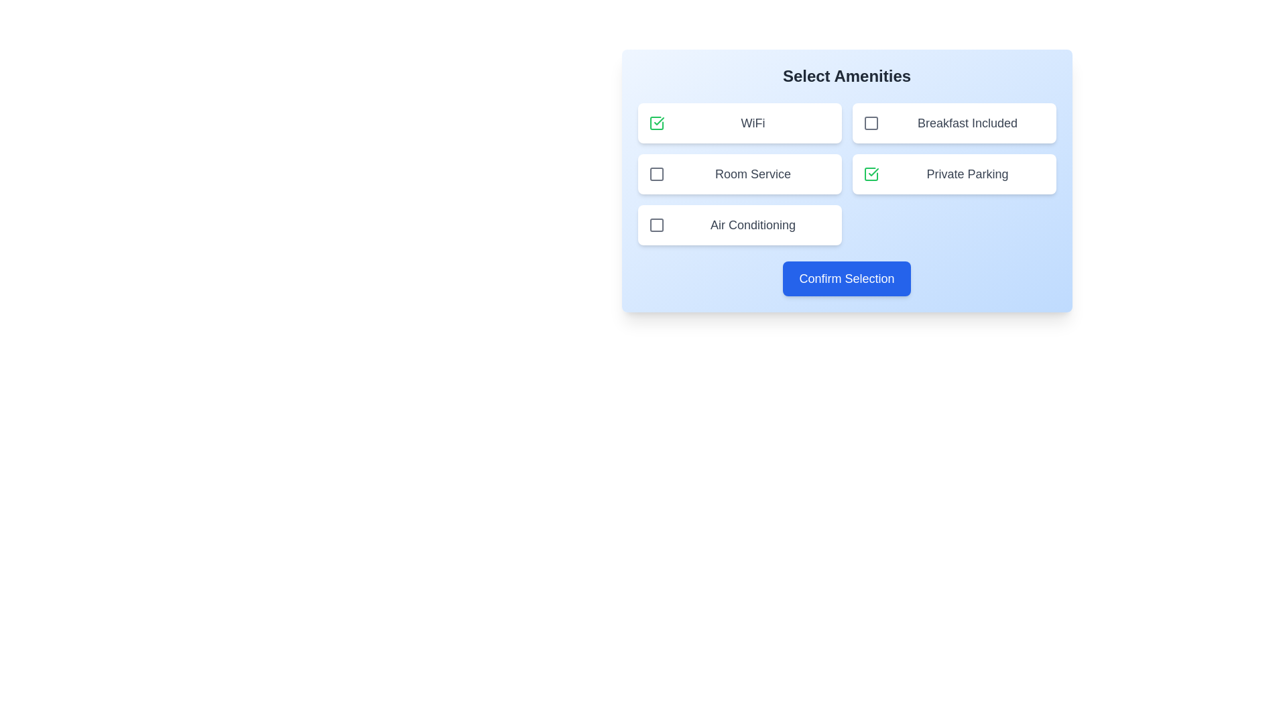 The image size is (1287, 724). What do you see at coordinates (656, 173) in the screenshot?
I see `the 'Room Service' checkbox` at bounding box center [656, 173].